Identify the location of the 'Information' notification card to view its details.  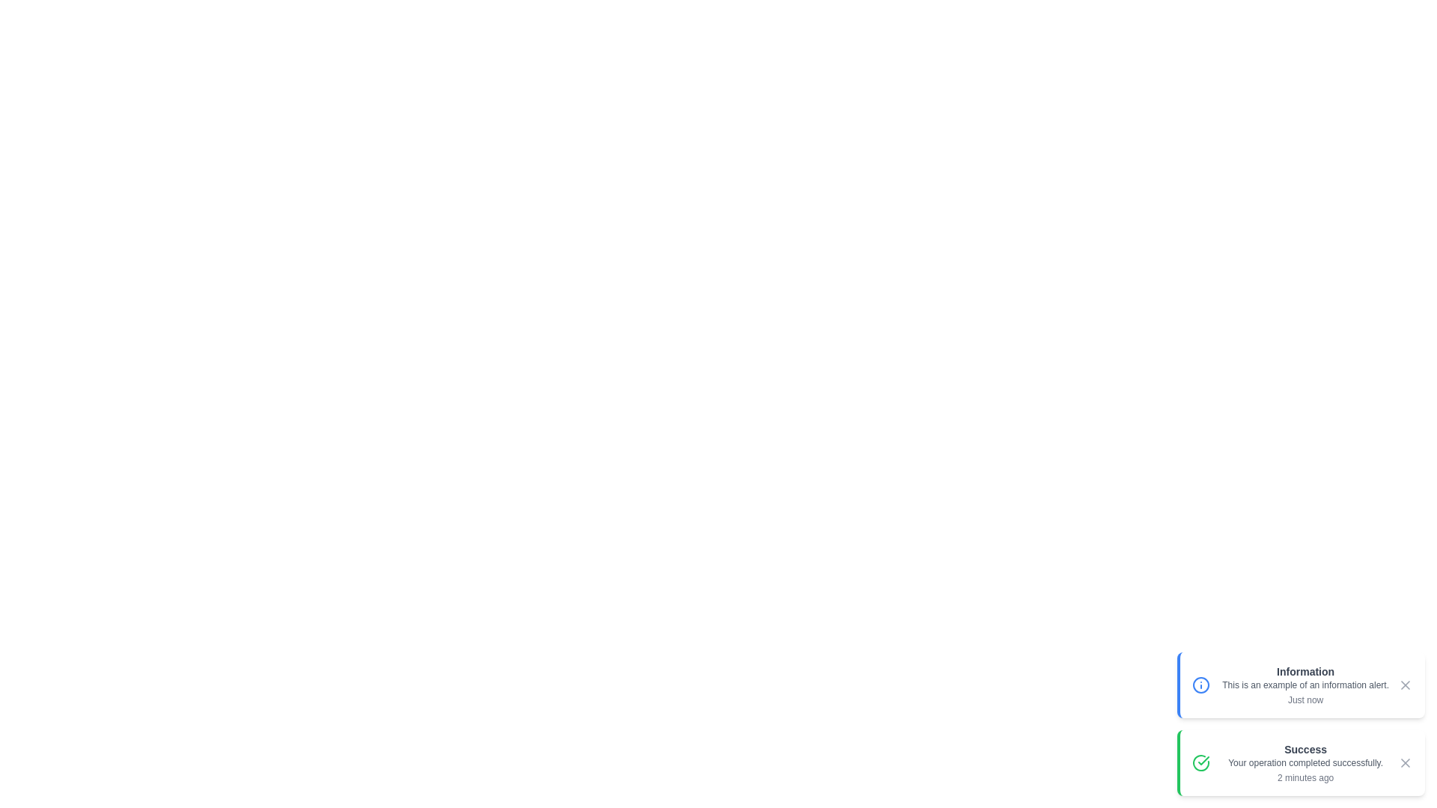
(1299, 685).